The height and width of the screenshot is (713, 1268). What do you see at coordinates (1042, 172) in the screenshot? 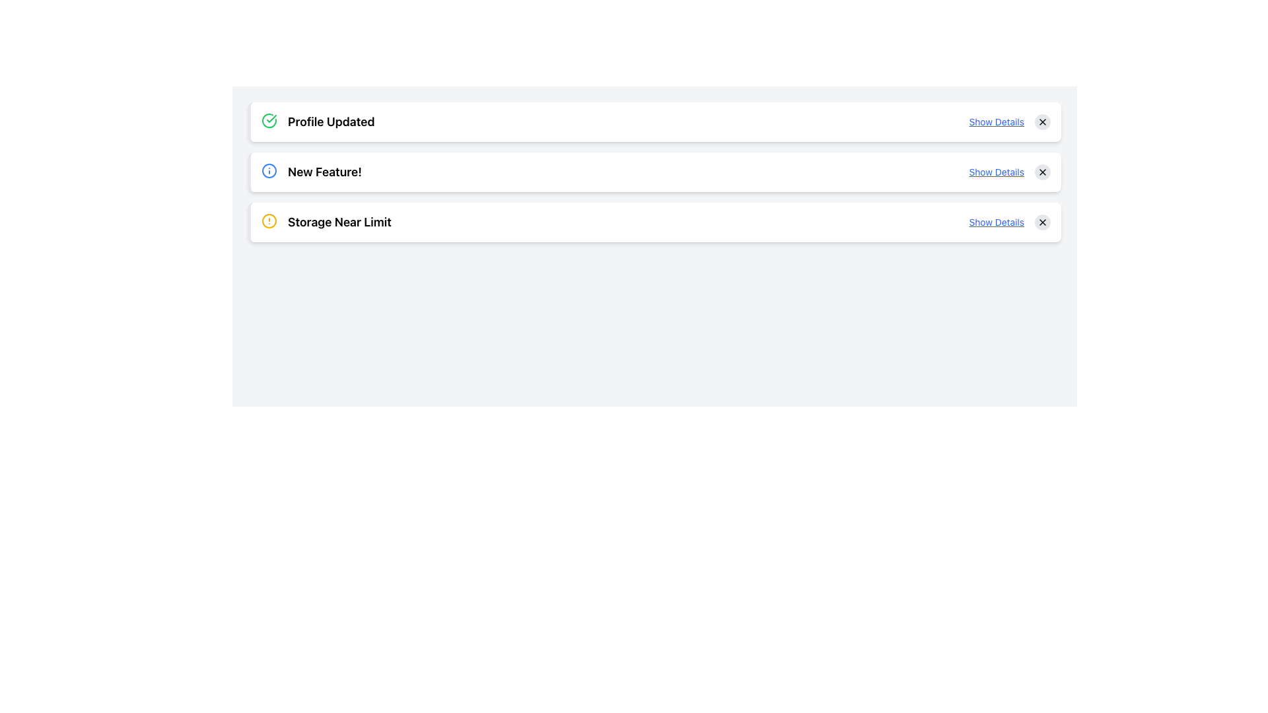
I see `the circular close button with a gray background and an 'X' icon located to the right of the 'Show Details' link in the second row of the list` at bounding box center [1042, 172].